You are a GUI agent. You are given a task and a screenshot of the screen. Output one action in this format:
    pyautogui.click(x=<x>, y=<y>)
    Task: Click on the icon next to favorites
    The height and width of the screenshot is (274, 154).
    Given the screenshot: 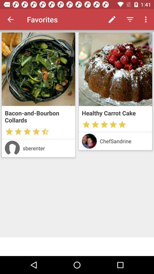 What is the action you would take?
    pyautogui.click(x=112, y=19)
    